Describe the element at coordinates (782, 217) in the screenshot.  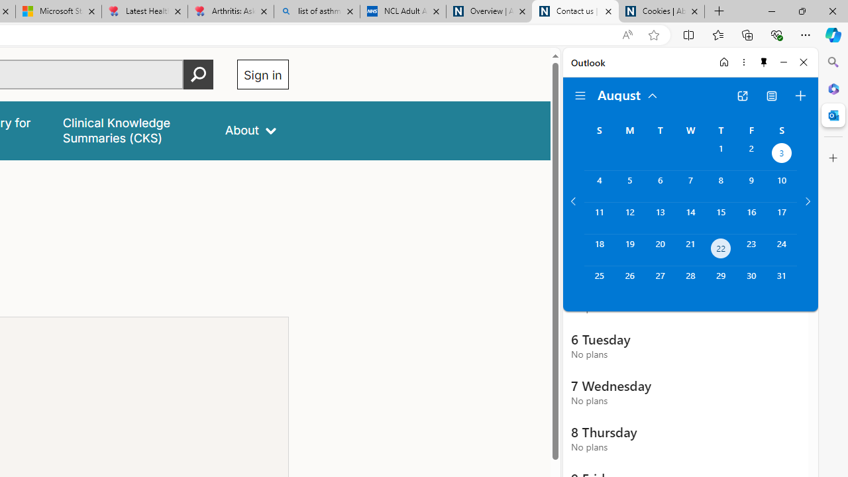
I see `'Saturday, August 17, 2024. '` at that location.